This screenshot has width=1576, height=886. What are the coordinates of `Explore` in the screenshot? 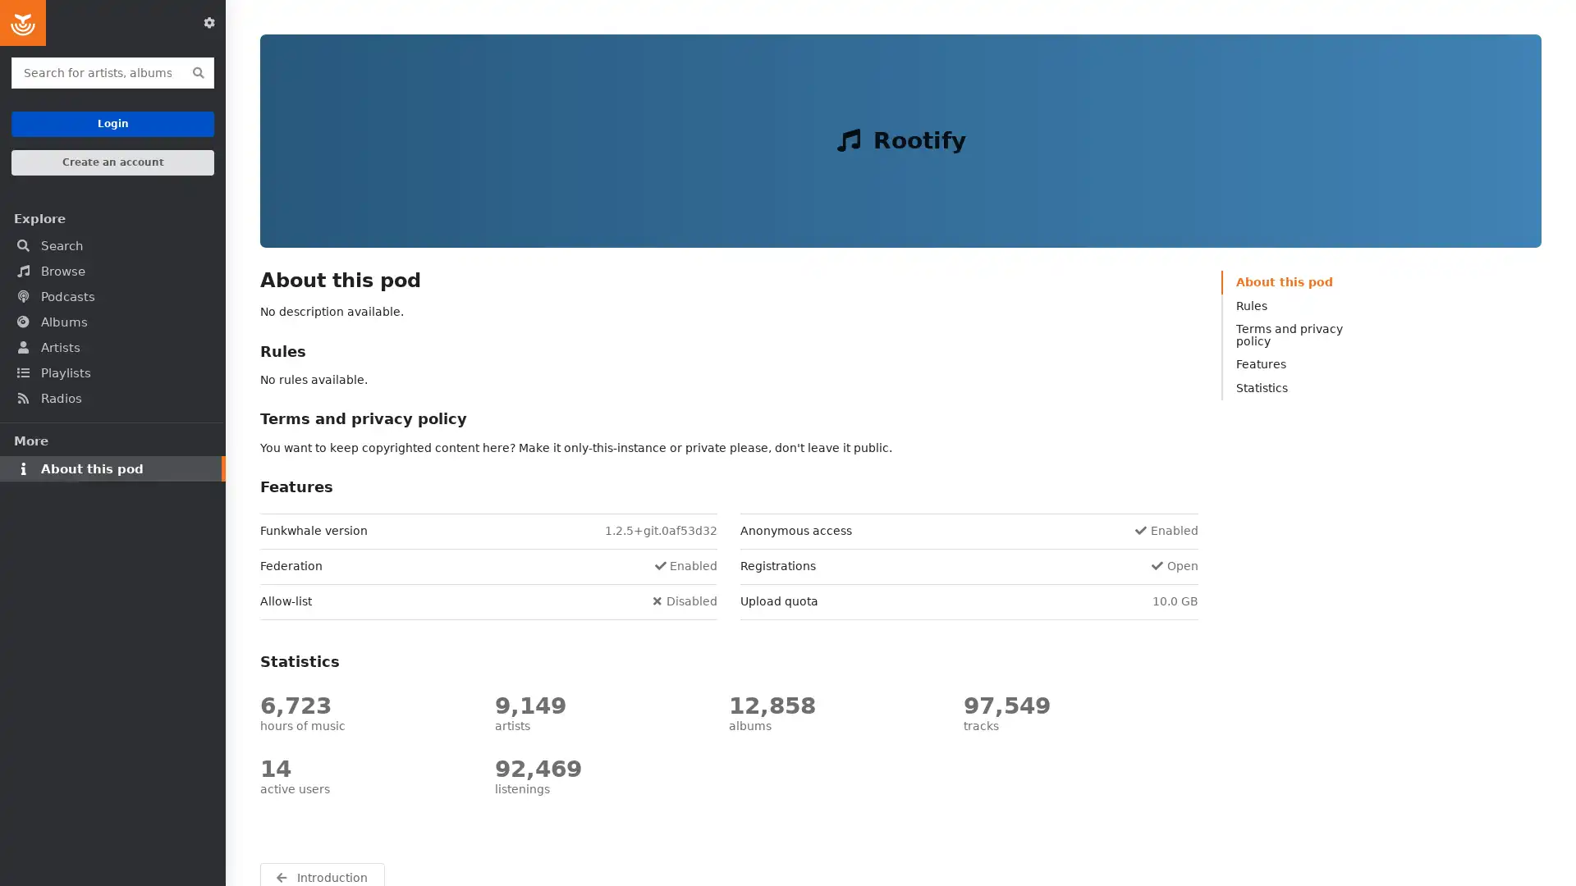 It's located at (112, 217).